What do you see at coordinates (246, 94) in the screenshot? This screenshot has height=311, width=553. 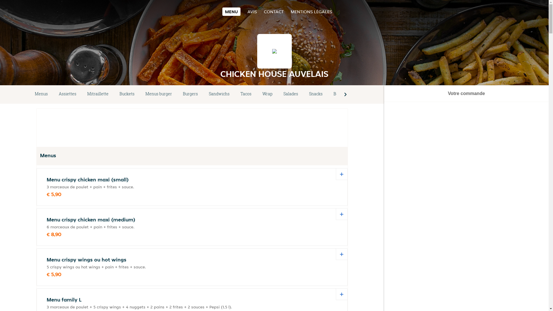 I see `'Tacos'` at bounding box center [246, 94].